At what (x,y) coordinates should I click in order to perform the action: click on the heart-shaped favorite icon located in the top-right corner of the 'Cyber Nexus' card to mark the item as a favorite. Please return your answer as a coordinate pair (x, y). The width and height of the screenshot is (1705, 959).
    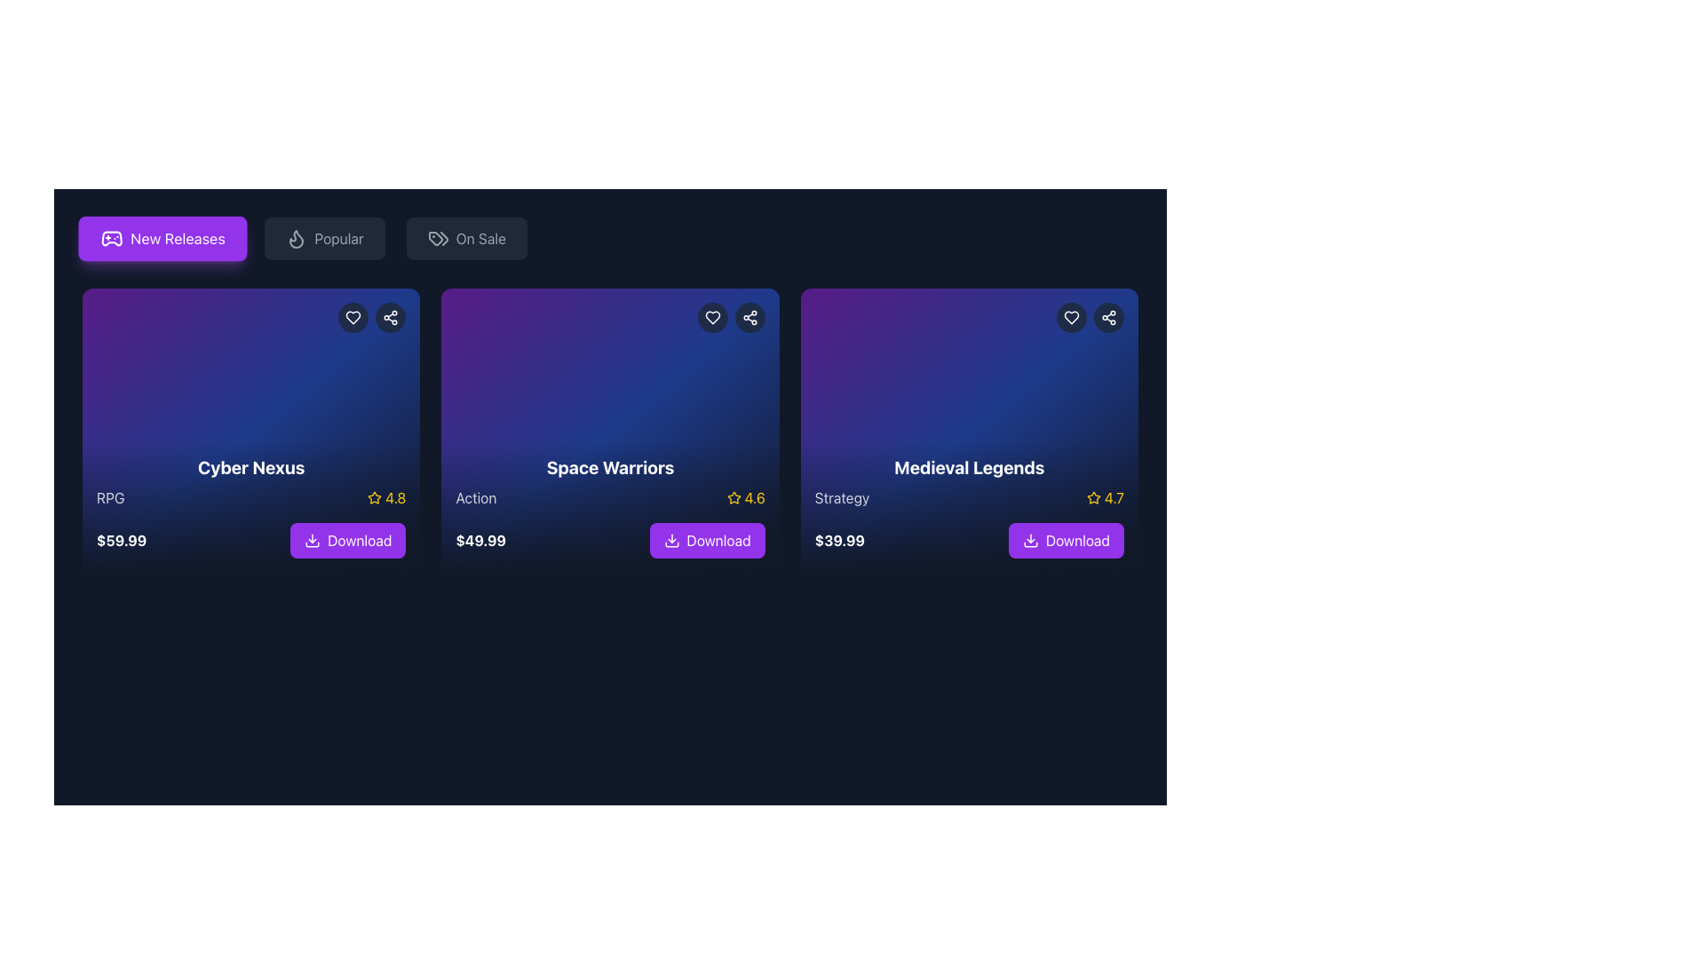
    Looking at the image, I should click on (353, 317).